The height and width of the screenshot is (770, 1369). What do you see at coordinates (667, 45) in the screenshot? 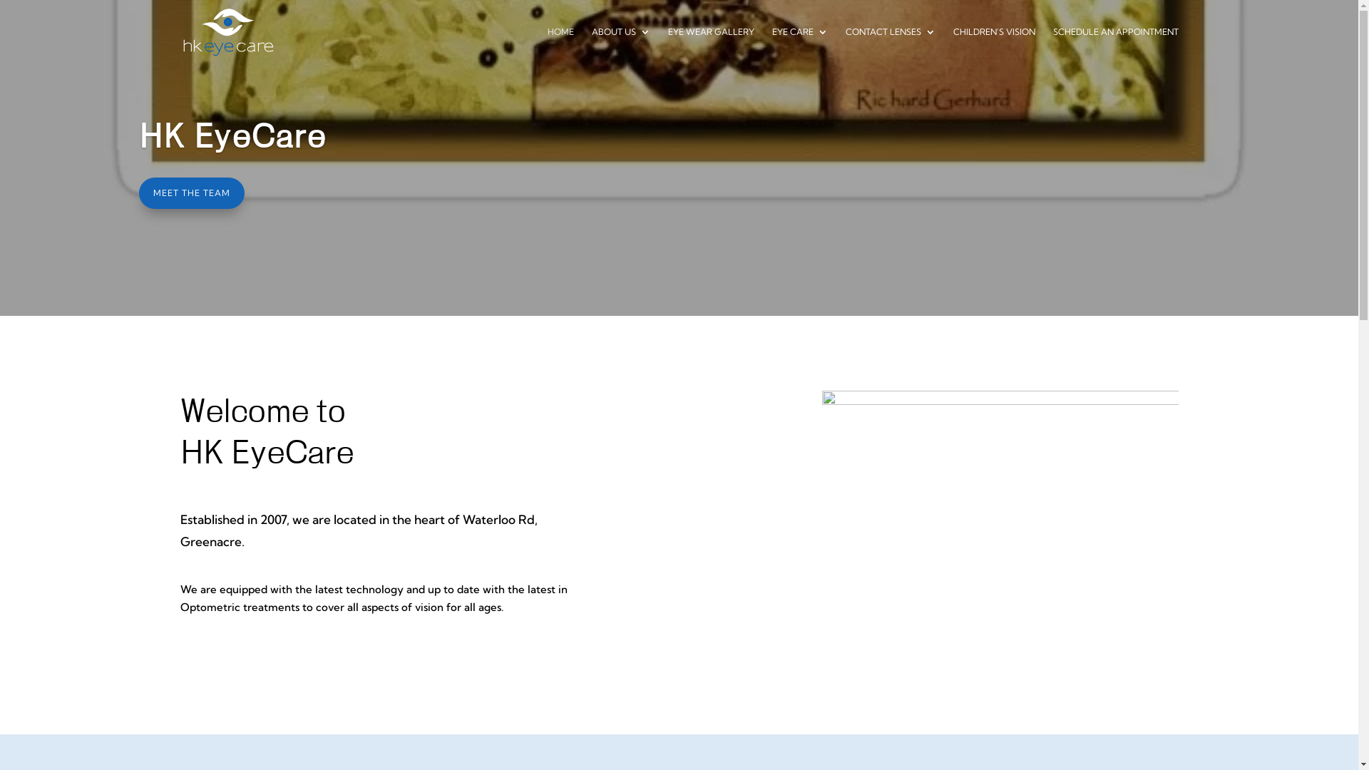
I see `'EYE WEAR GALLERY'` at bounding box center [667, 45].